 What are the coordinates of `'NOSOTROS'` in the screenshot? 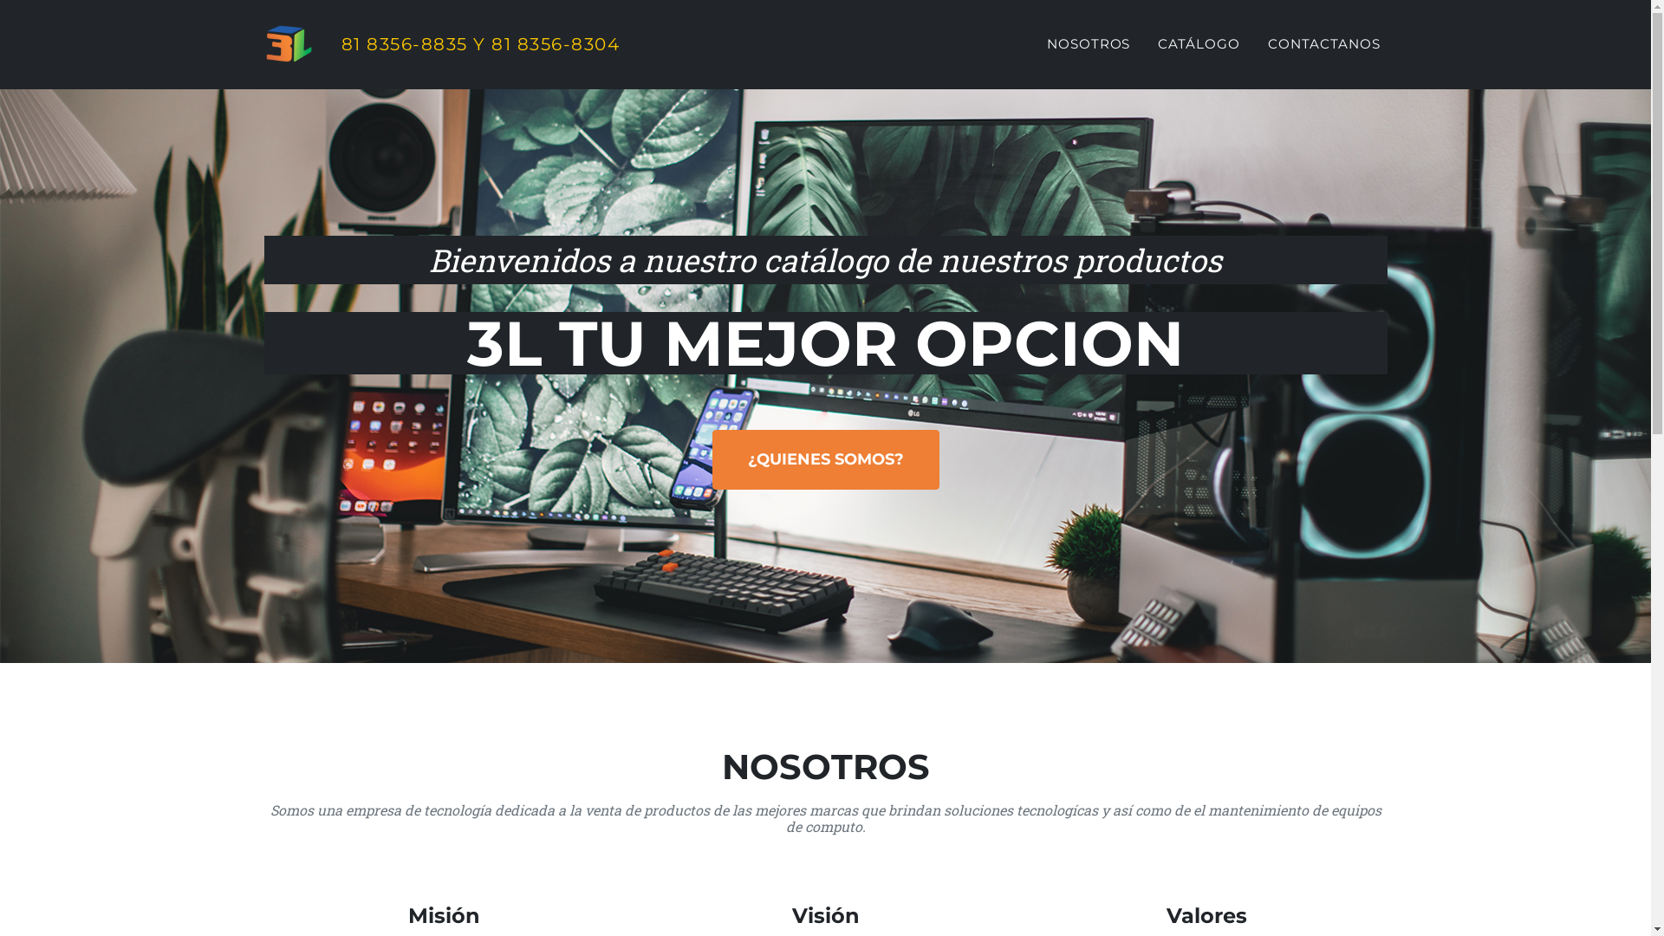 It's located at (1088, 43).